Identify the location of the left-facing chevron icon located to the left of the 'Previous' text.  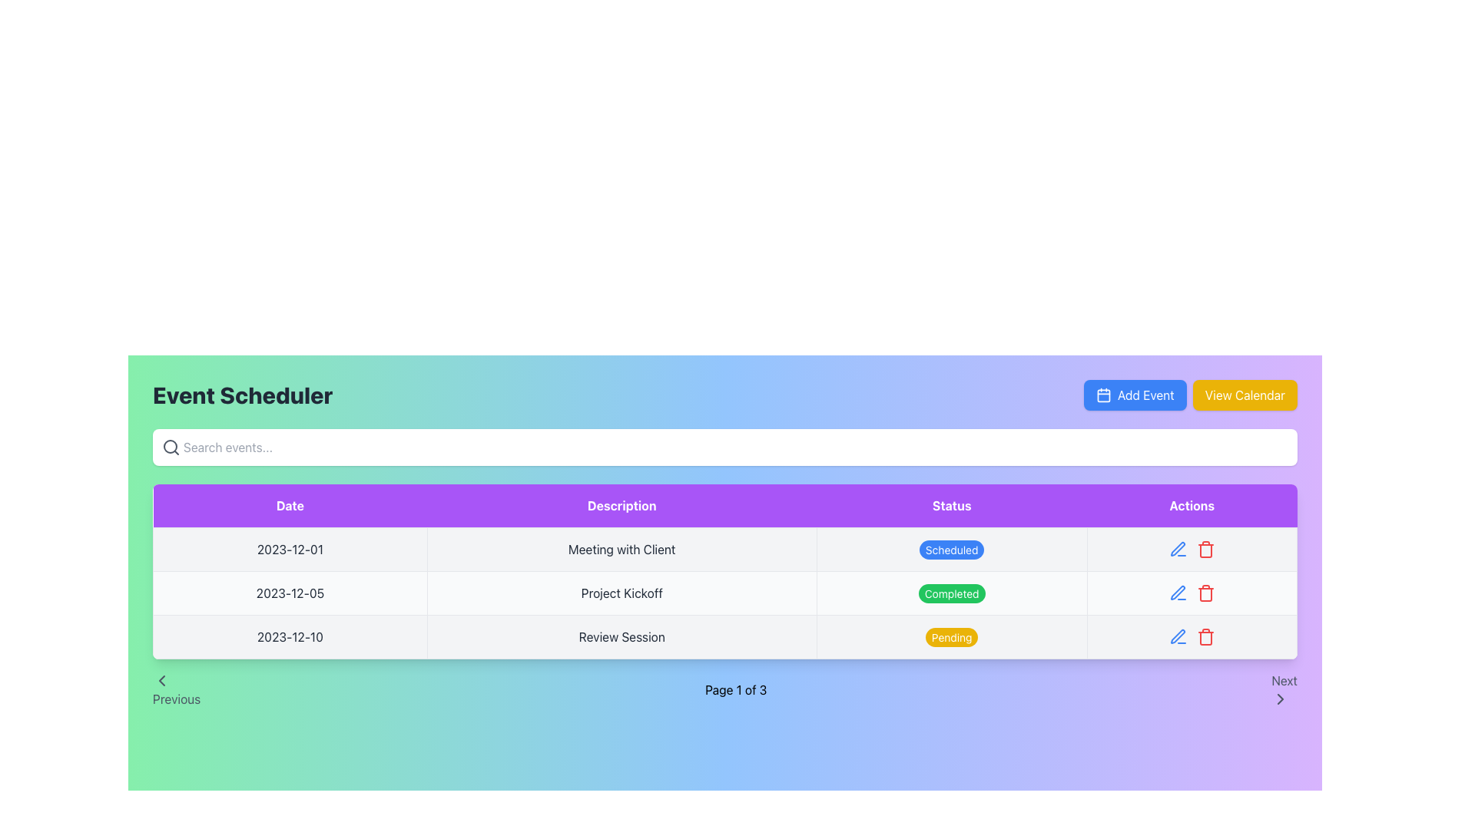
(162, 680).